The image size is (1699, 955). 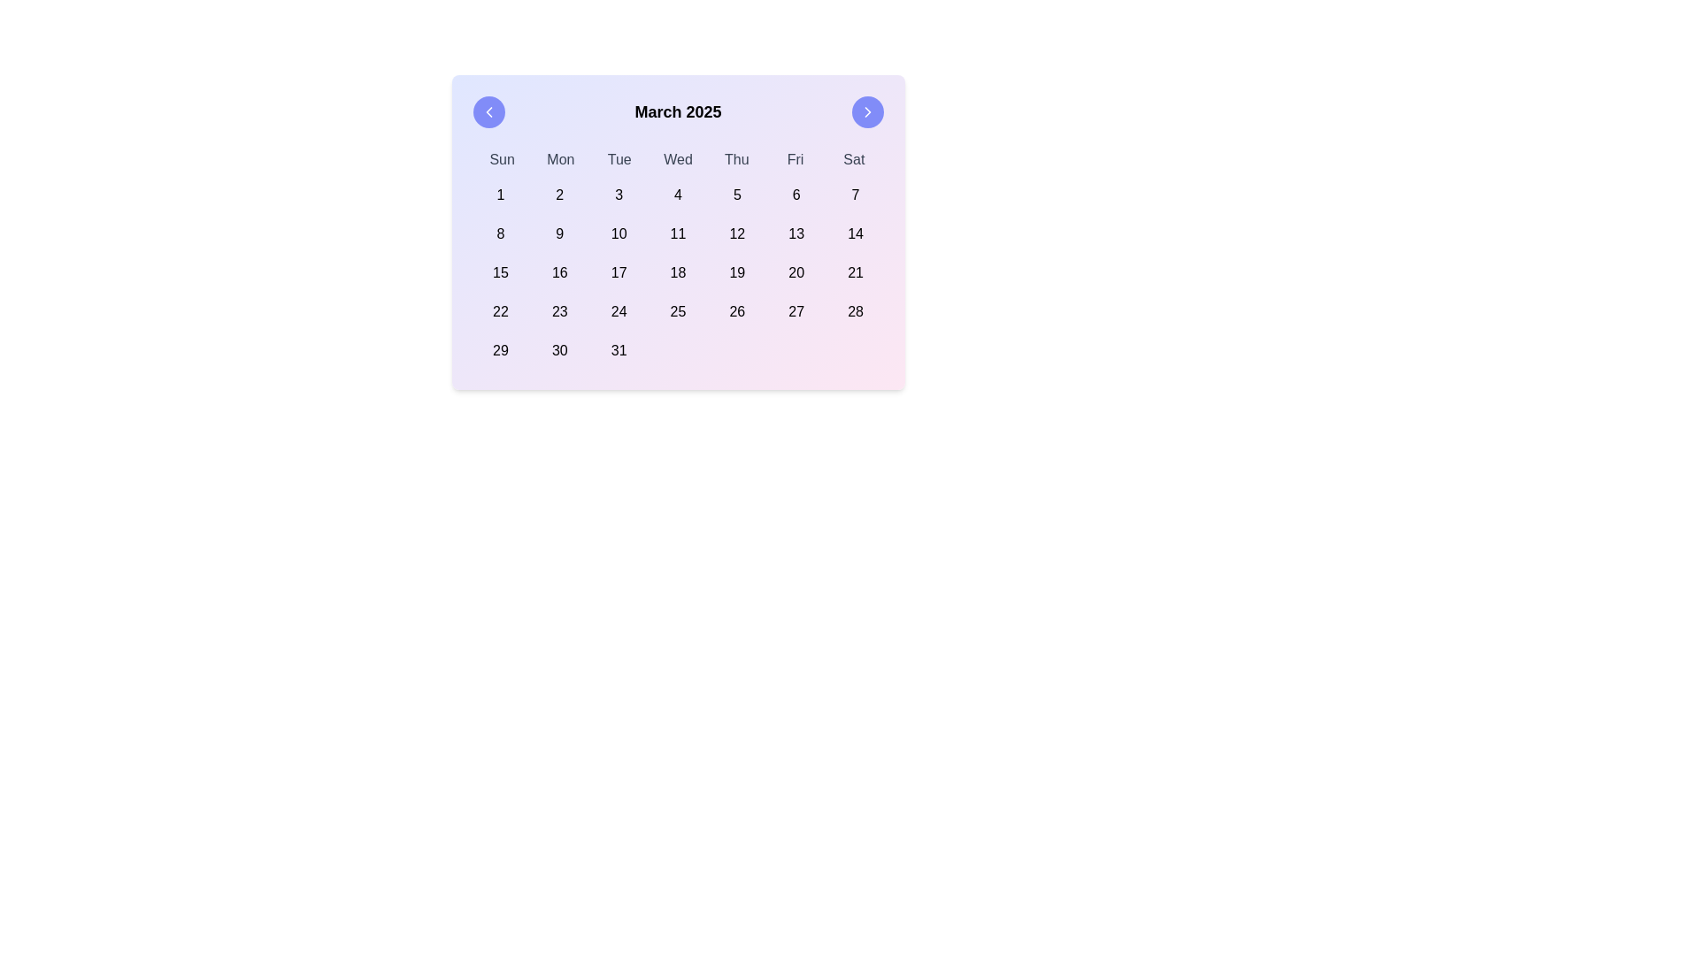 I want to click on the square button with a rounded border containing the text '20', so click(x=796, y=272).